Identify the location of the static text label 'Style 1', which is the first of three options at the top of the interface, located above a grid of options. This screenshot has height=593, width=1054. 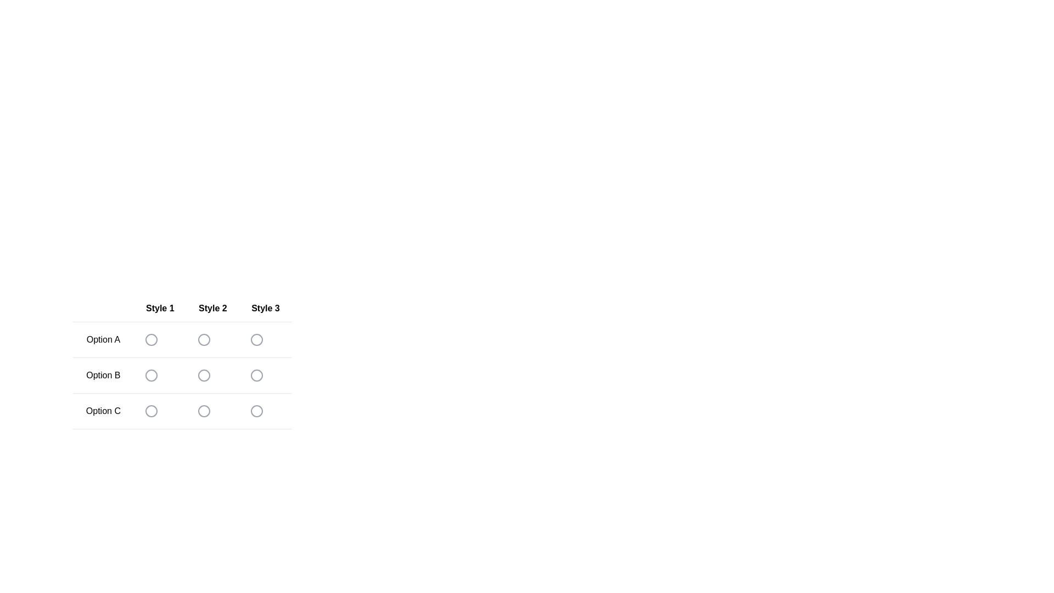
(159, 309).